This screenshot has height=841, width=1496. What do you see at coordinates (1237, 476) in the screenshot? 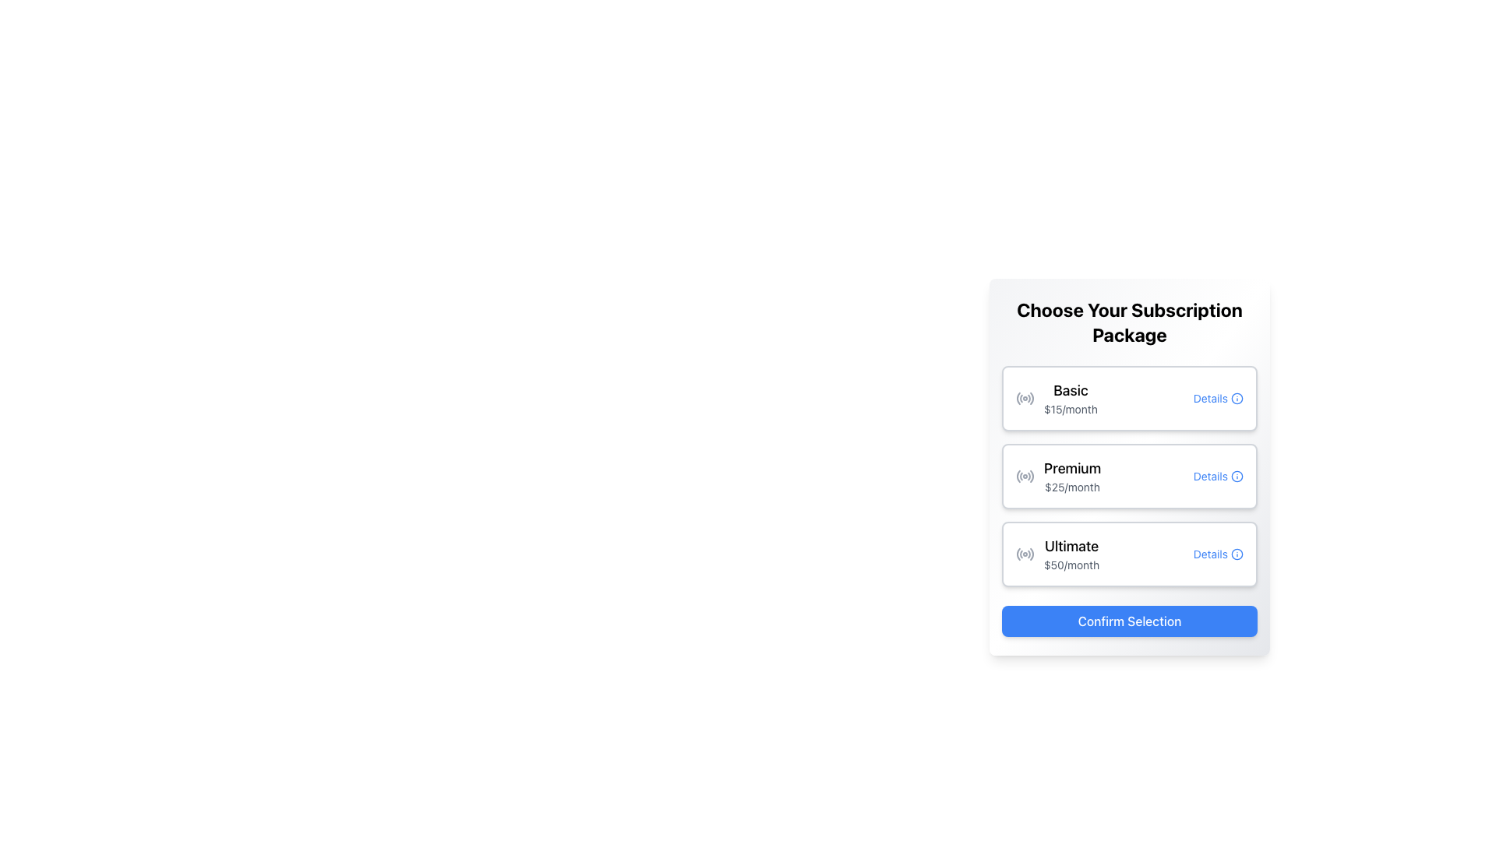
I see `the circular UI component with a visible border located within the SVG graphics, adjacent to the 'Premium' subscription option` at bounding box center [1237, 476].